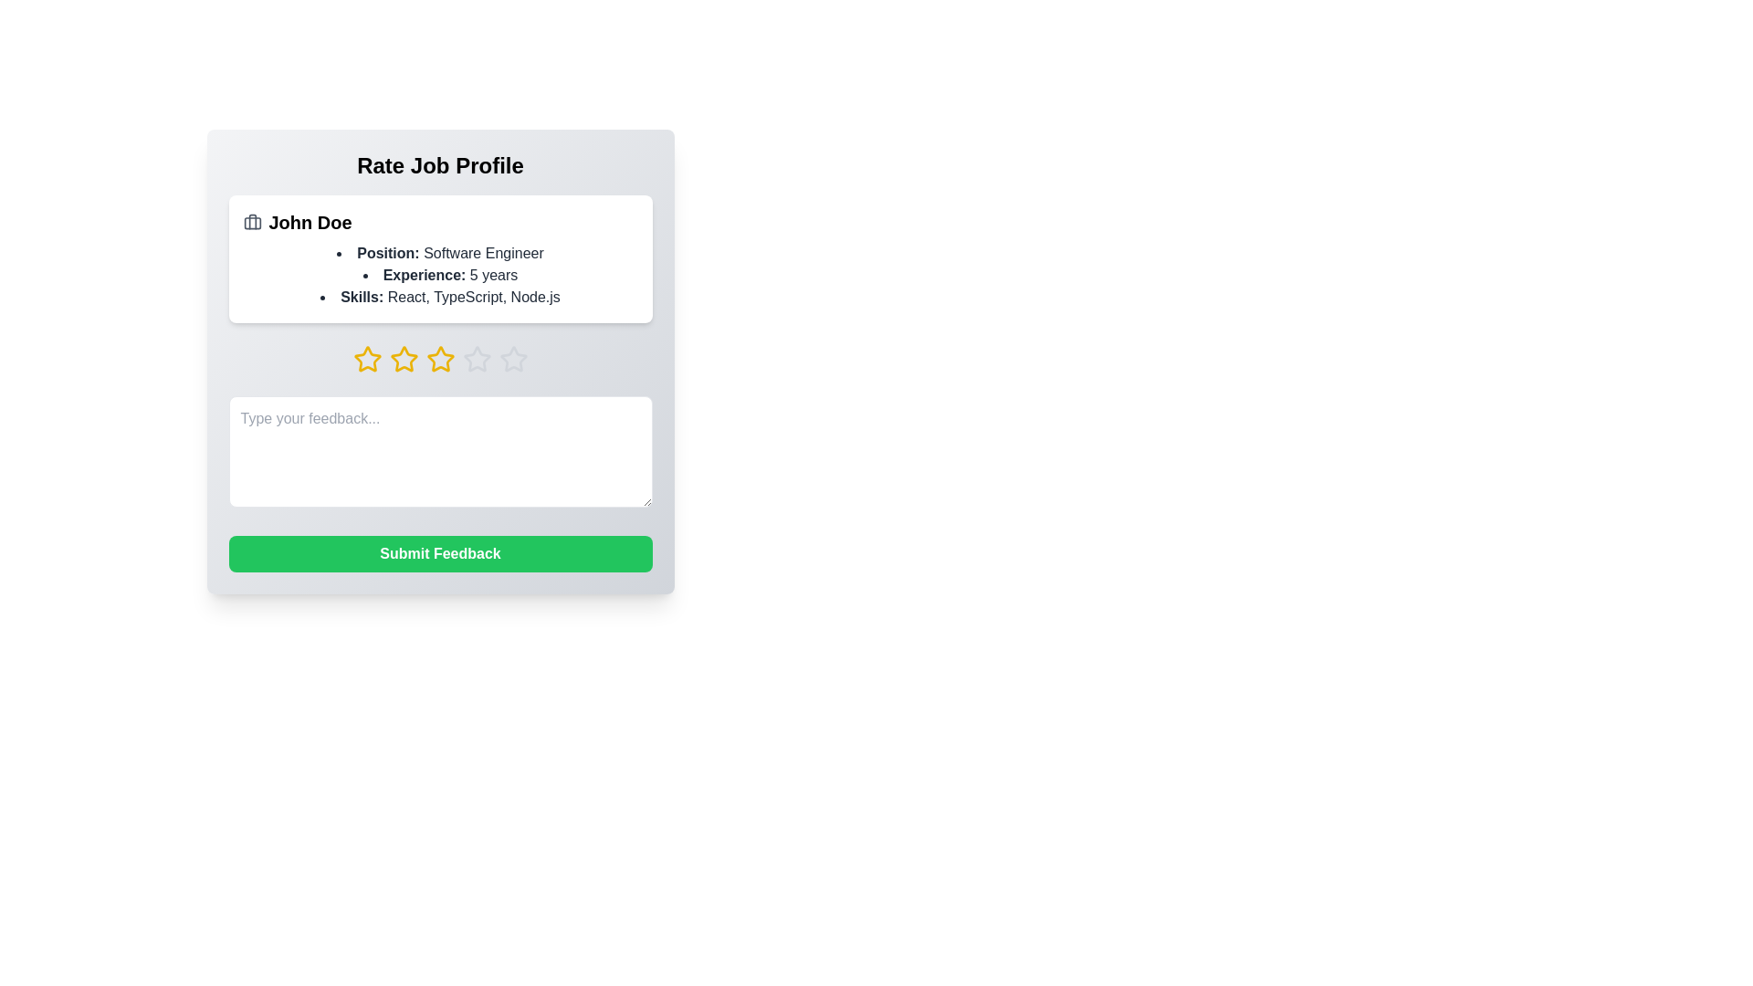 The width and height of the screenshot is (1753, 986). Describe the element at coordinates (440, 552) in the screenshot. I see `the feedback submission button located at the bottom center of the card layout to trigger a visual change` at that location.